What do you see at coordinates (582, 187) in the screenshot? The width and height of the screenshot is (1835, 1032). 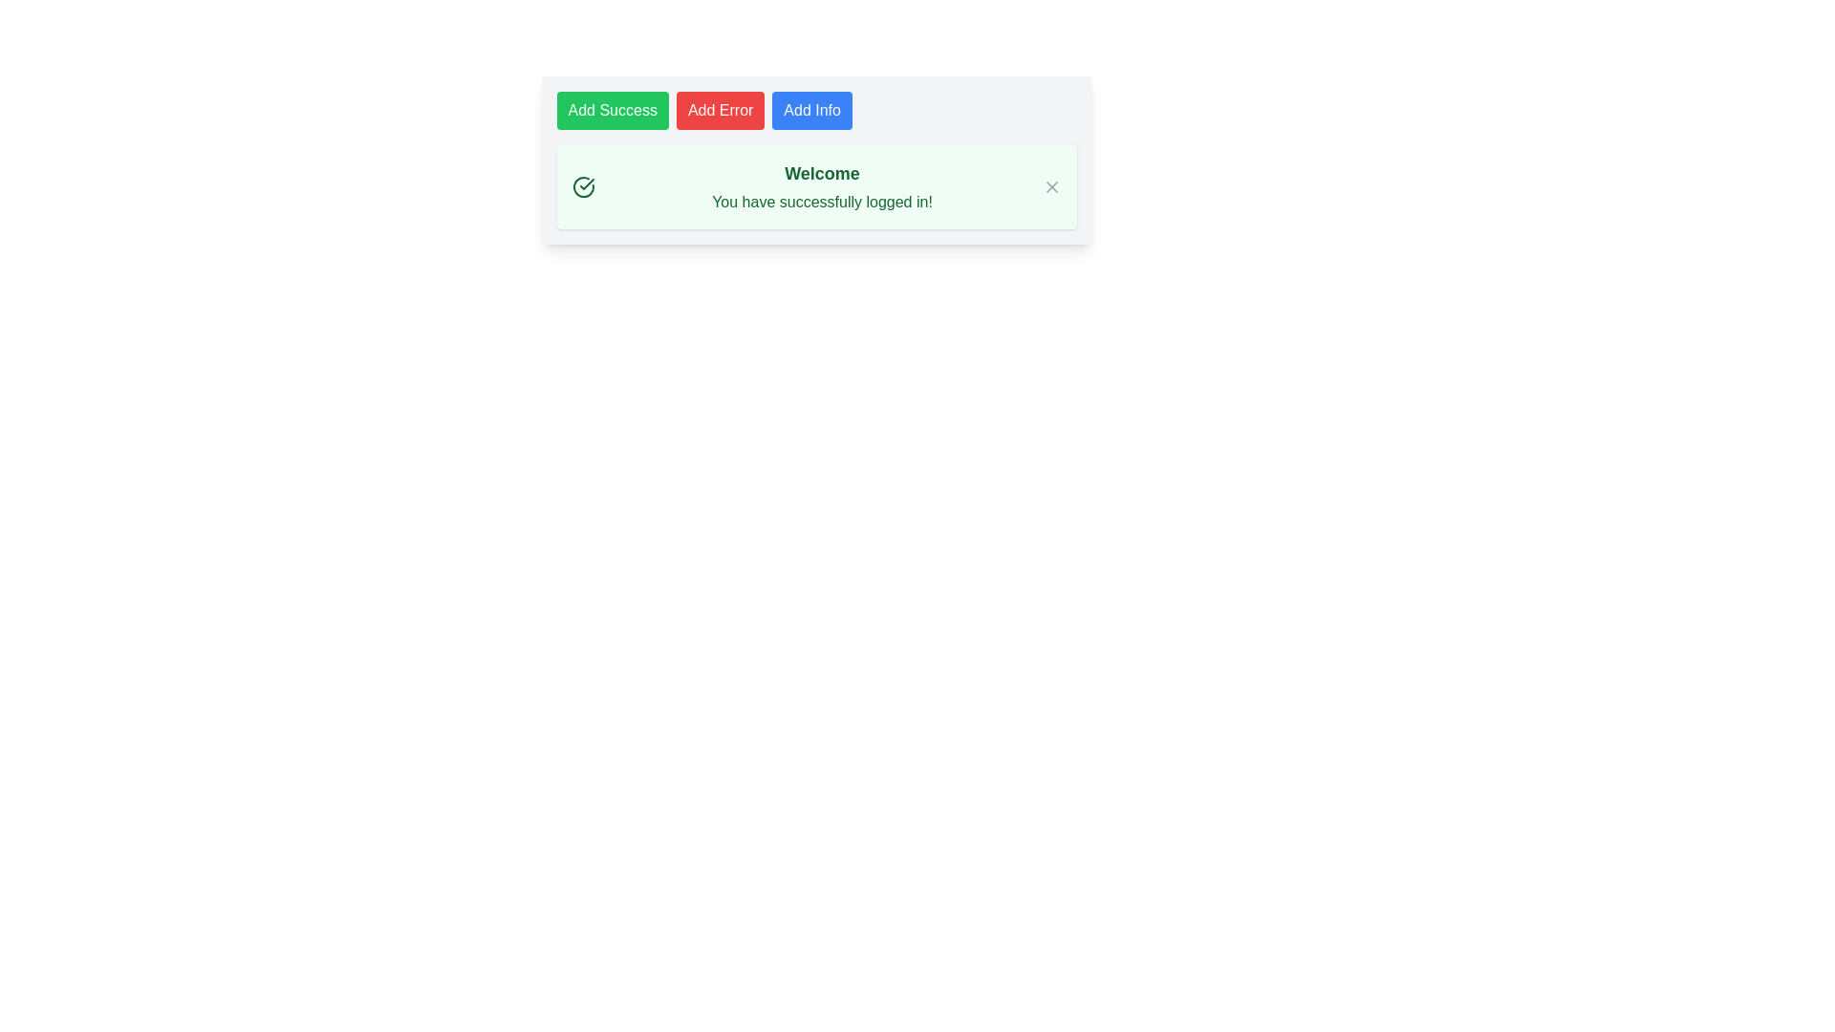 I see `the success confirmation icon located within the 'Welcome' notification, positioned to the left of the text 'You have successfully logged in!'` at bounding box center [582, 187].